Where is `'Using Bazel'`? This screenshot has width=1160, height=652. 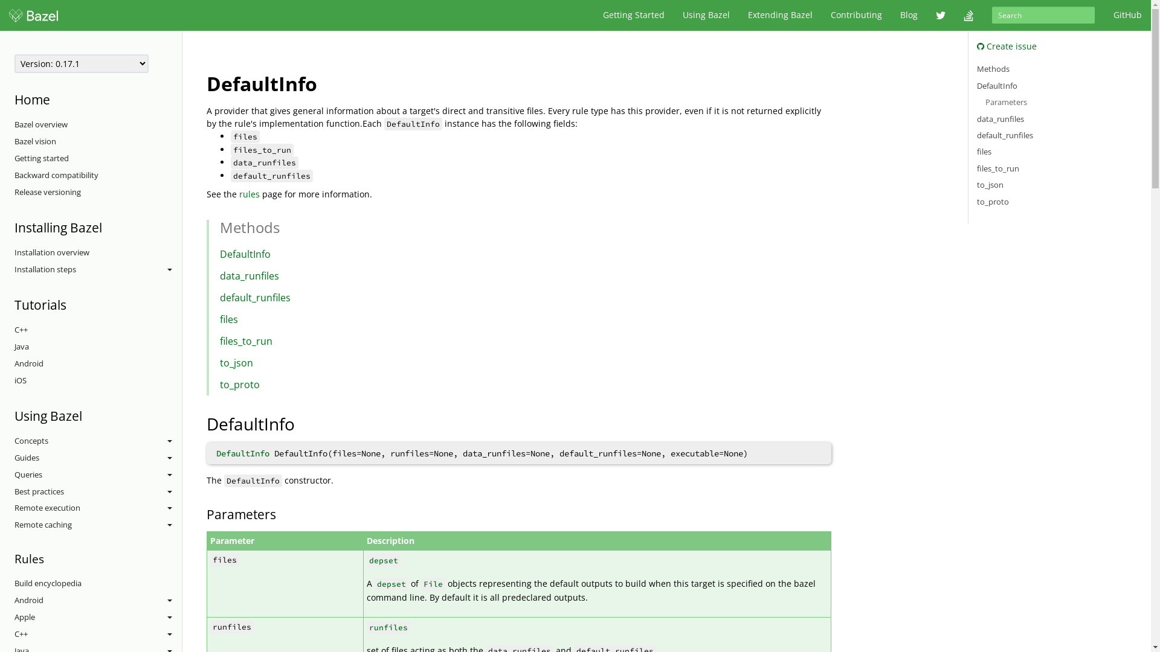
'Using Bazel' is located at coordinates (706, 14).